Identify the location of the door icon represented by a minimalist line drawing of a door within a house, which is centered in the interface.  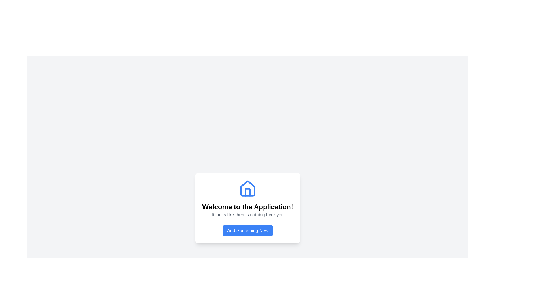
(247, 192).